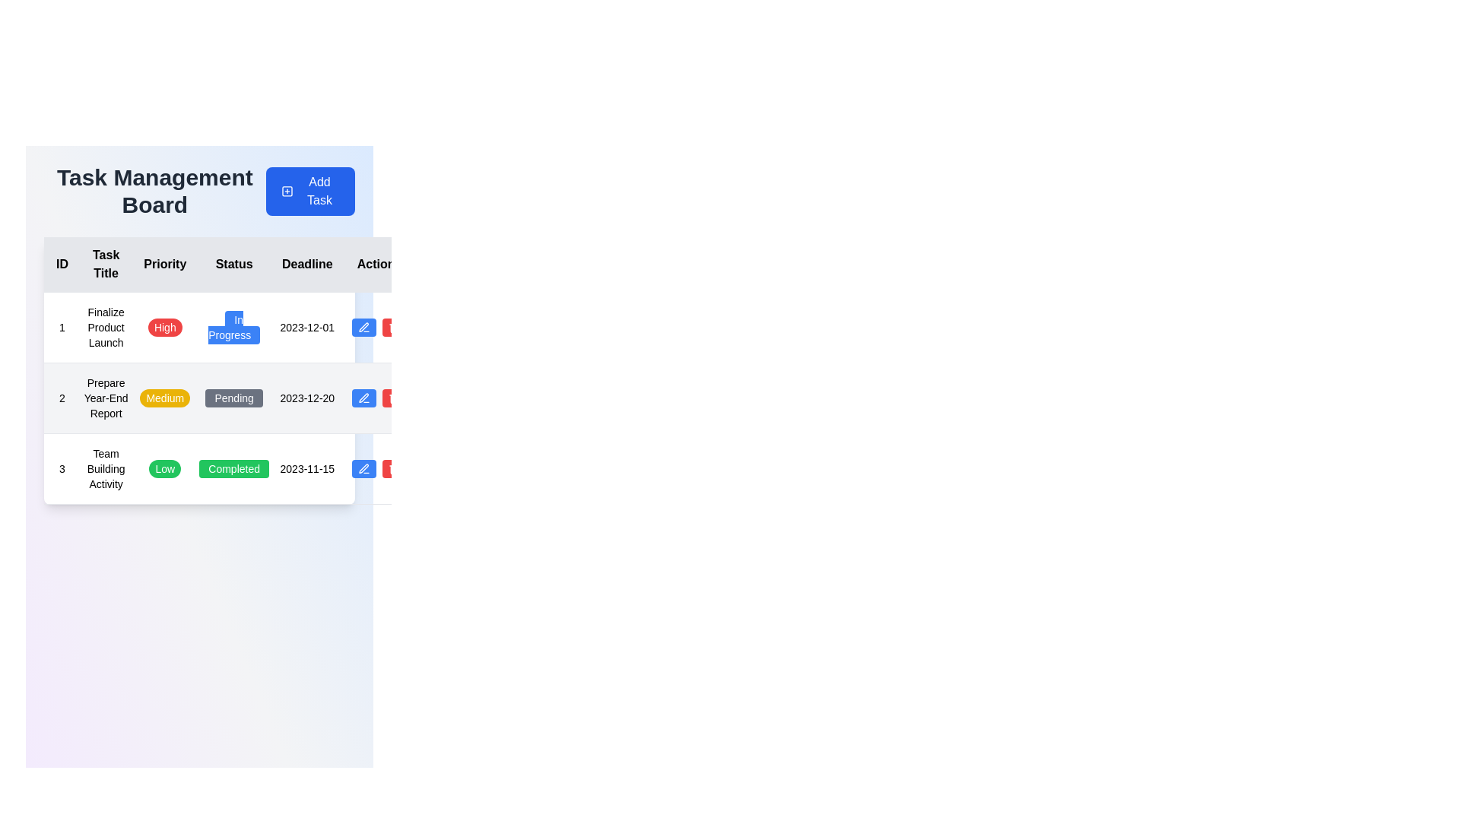 Image resolution: width=1460 pixels, height=821 pixels. Describe the element at coordinates (165, 327) in the screenshot. I see `the 'High' priority Status indicator button located in the 'Priority' column next to the task title 'Finalize Product Launch'` at that location.